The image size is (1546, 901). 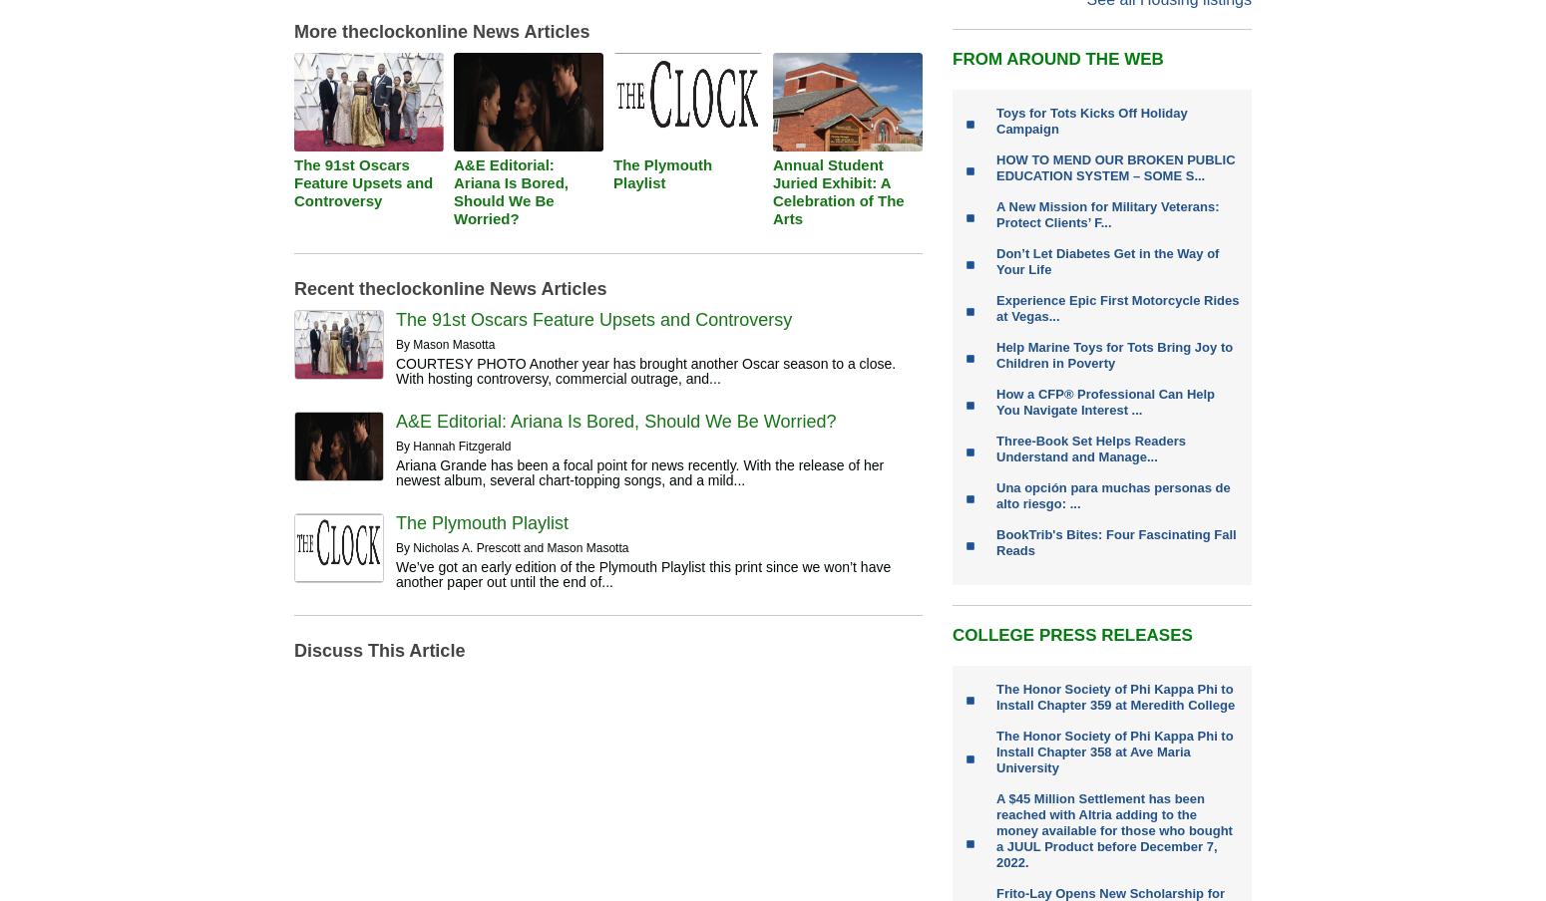 I want to click on 'Una opción para muchas personas de alto riesgo: ...', so click(x=1112, y=494).